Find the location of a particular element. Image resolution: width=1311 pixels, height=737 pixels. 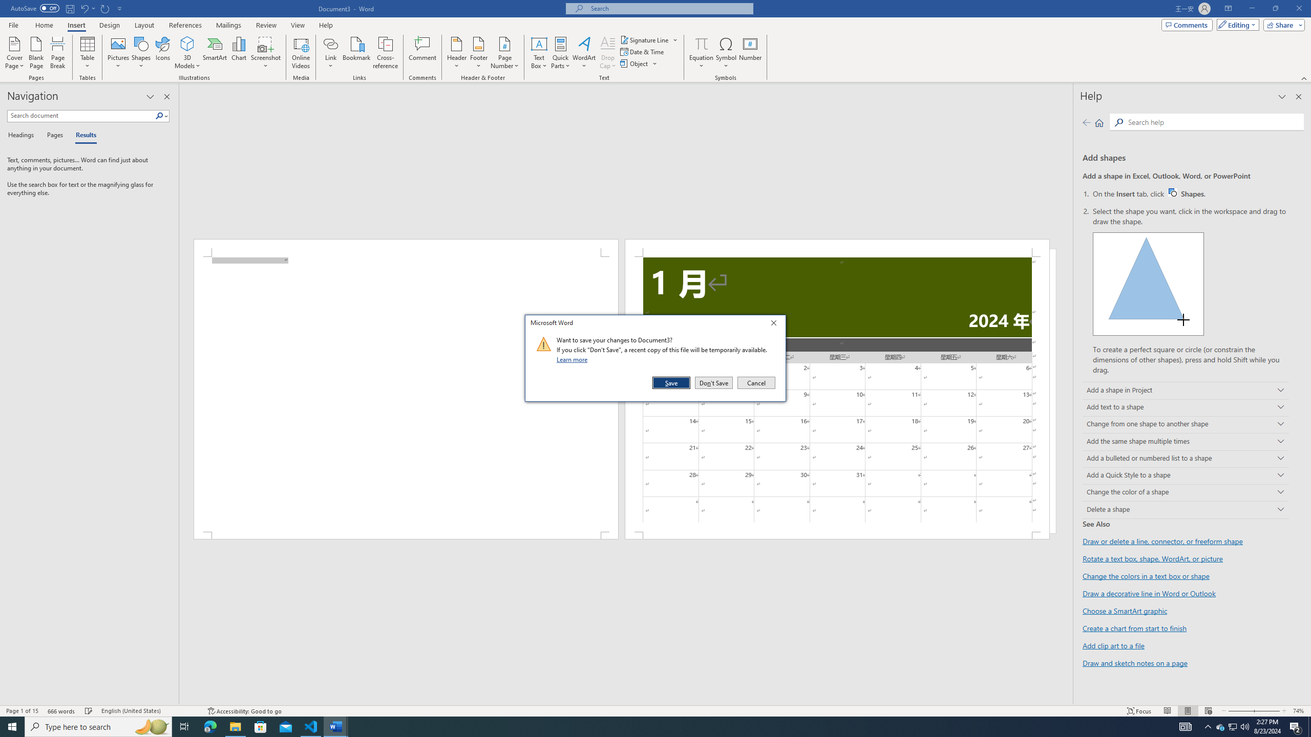

'Comments' is located at coordinates (1187, 24).